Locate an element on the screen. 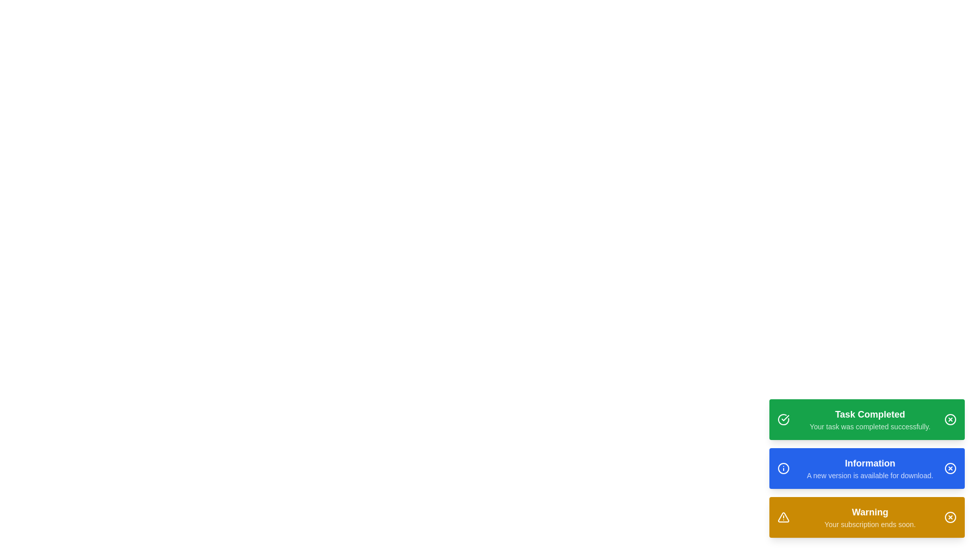 The image size is (977, 550). the text snippet that reads 'A new version is available for download,' which is positioned below the heading 'Information' in the blue notification card is located at coordinates (869, 475).